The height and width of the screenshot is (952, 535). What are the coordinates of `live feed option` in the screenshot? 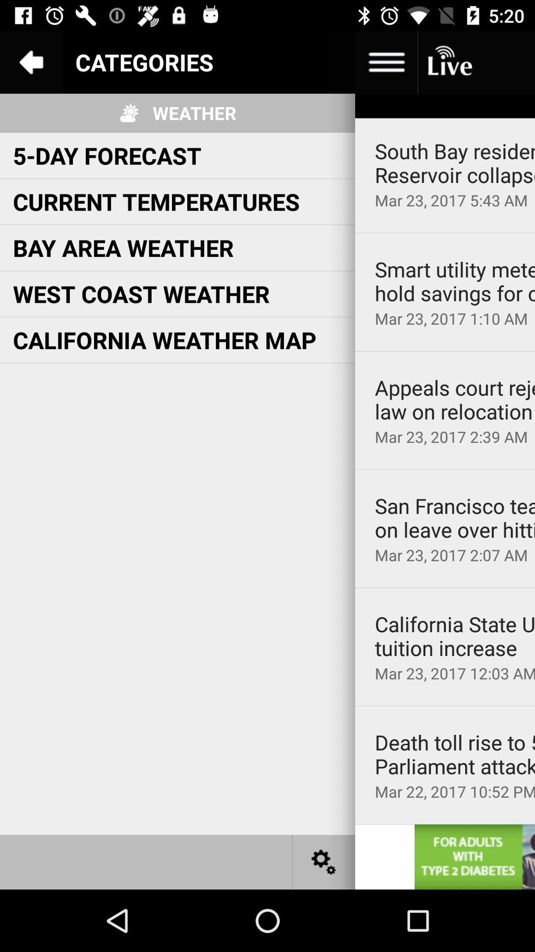 It's located at (449, 61).